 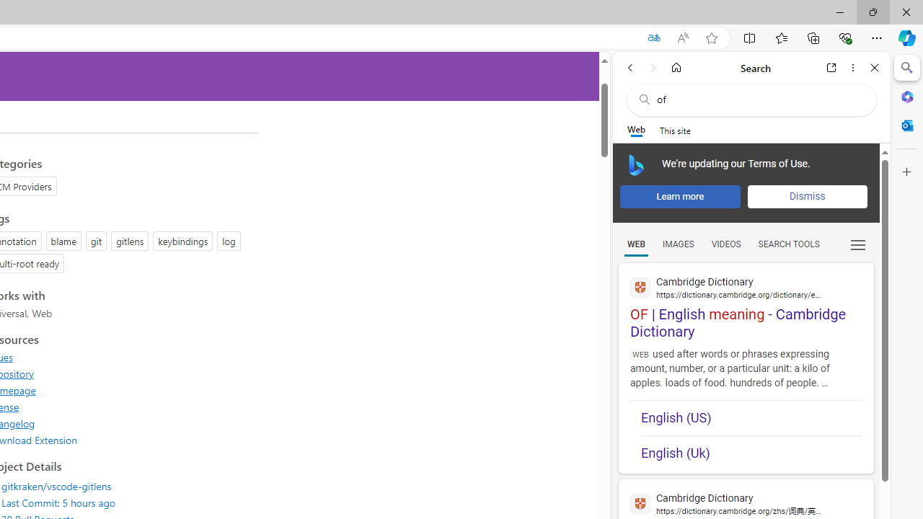 What do you see at coordinates (674, 130) in the screenshot?
I see `'This site scope'` at bounding box center [674, 130].